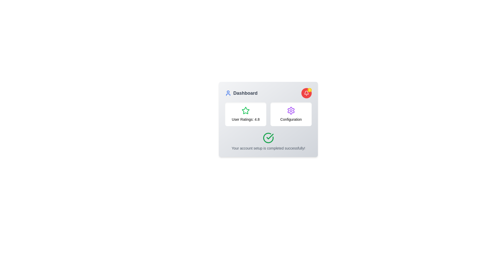  What do you see at coordinates (245, 119) in the screenshot?
I see `the static text label displaying 'User Ratings: 4.8' located below the green star icon in the left card section of the UI` at bounding box center [245, 119].